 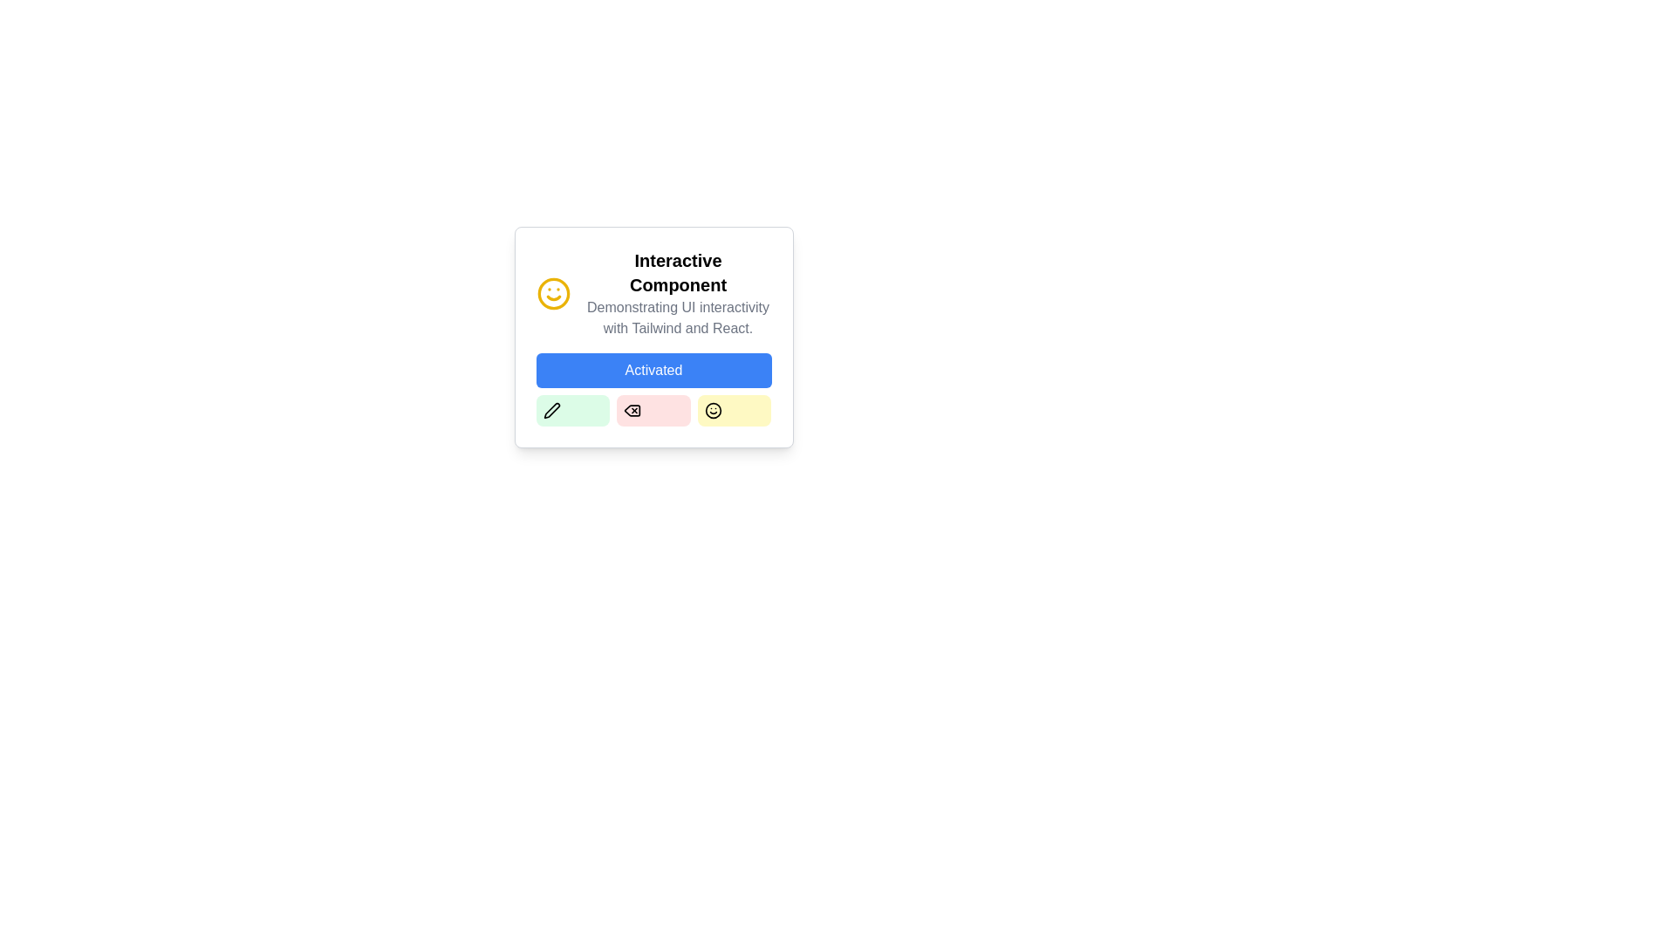 I want to click on the first button in the bottom row, which is a square-shaped button with a light green background containing a pen icon, using keyboard navigation, so click(x=550, y=410).